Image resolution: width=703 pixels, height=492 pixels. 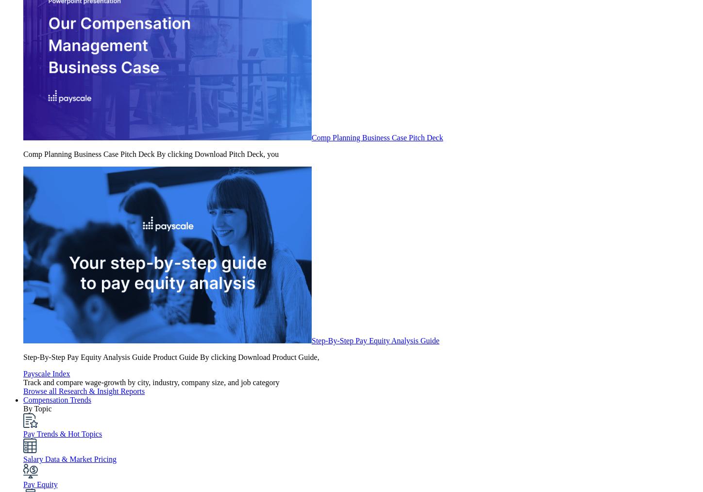 I want to click on 'Step-By-Step Pay Equity Analysis Guide', so click(x=375, y=340).